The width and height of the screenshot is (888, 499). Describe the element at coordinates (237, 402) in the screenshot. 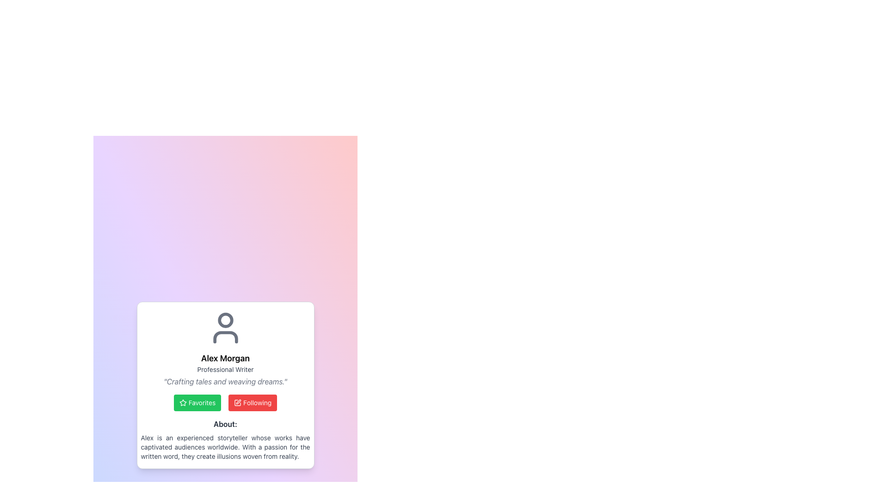

I see `Icon element that resembles a square with rounded corners, outlined in a light color, located next to the 'Following' button on the user profile card` at that location.